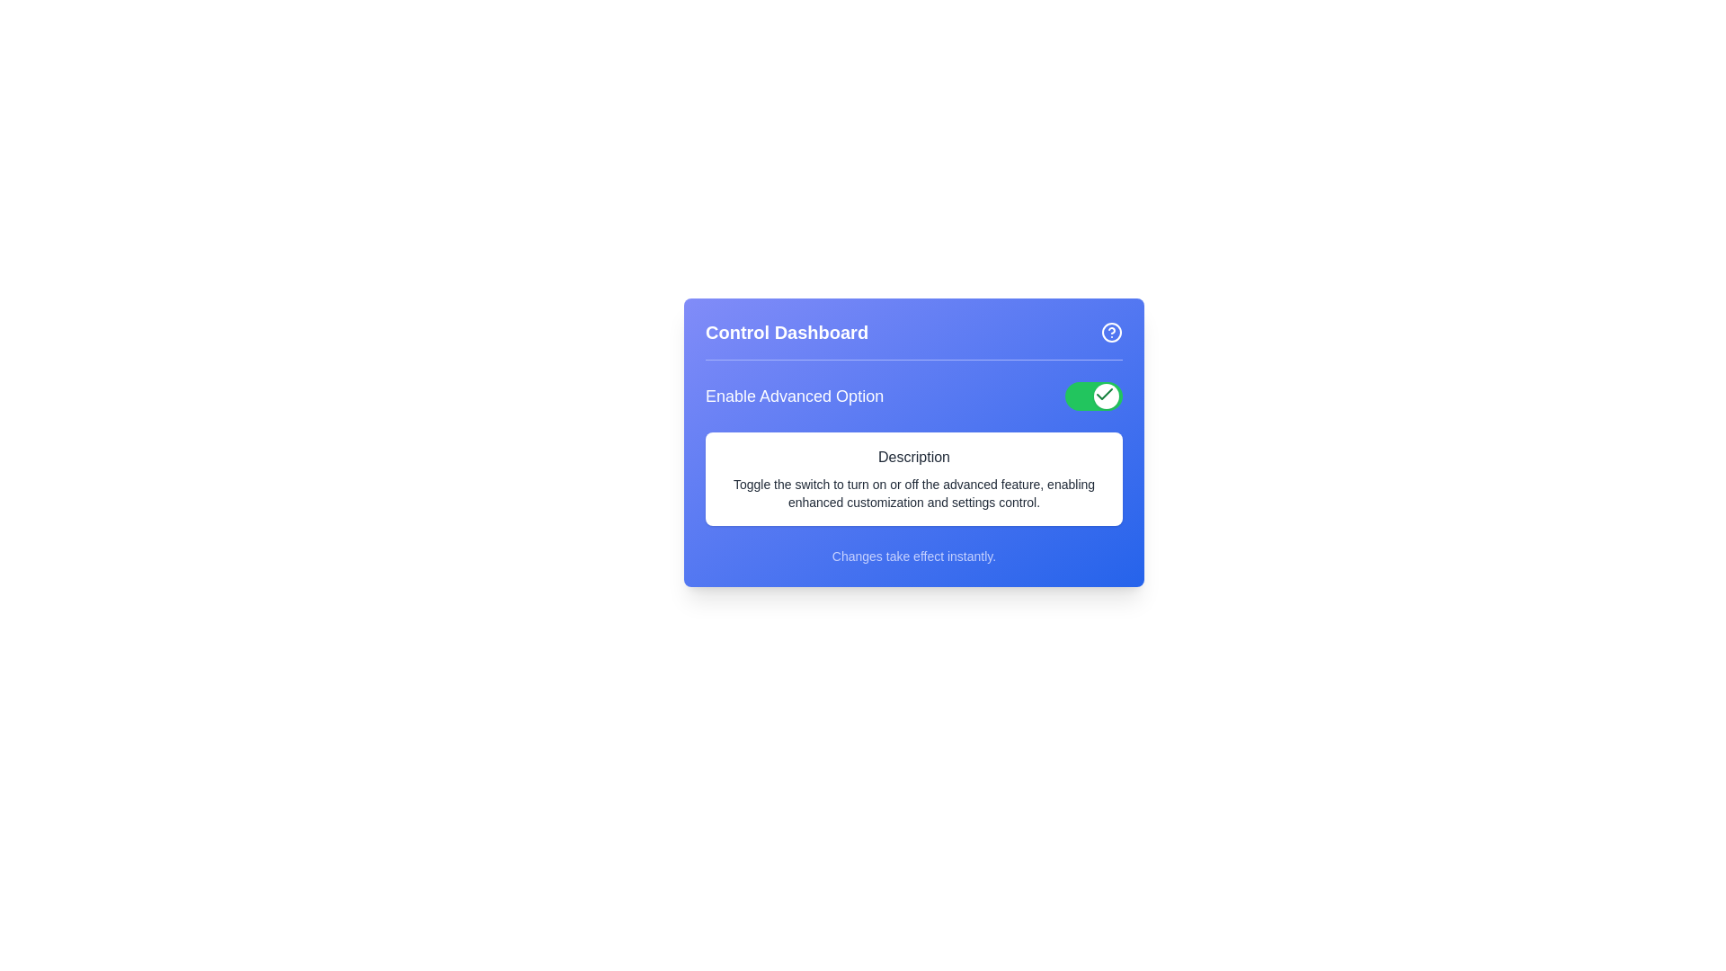 The image size is (1726, 971). Describe the element at coordinates (914, 395) in the screenshot. I see `the toggle switch labeled 'Enable Advanced Option' located in the blue panel 'Control Dashboard'` at that location.